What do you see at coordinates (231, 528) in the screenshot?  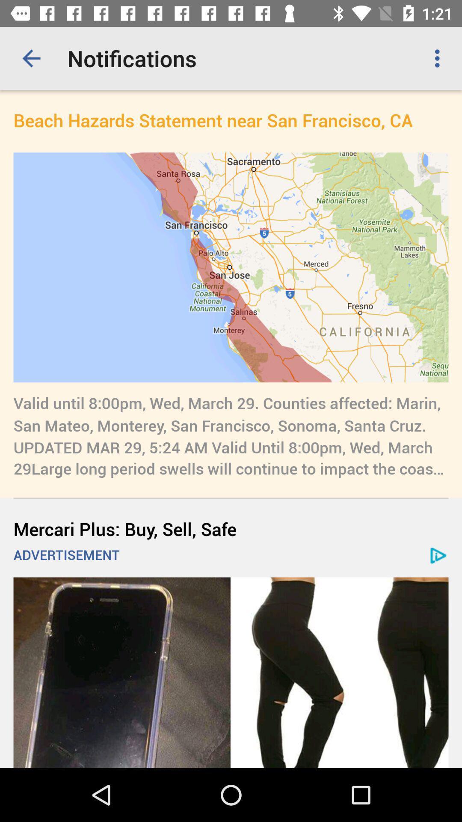 I see `the mercari plus buy icon` at bounding box center [231, 528].